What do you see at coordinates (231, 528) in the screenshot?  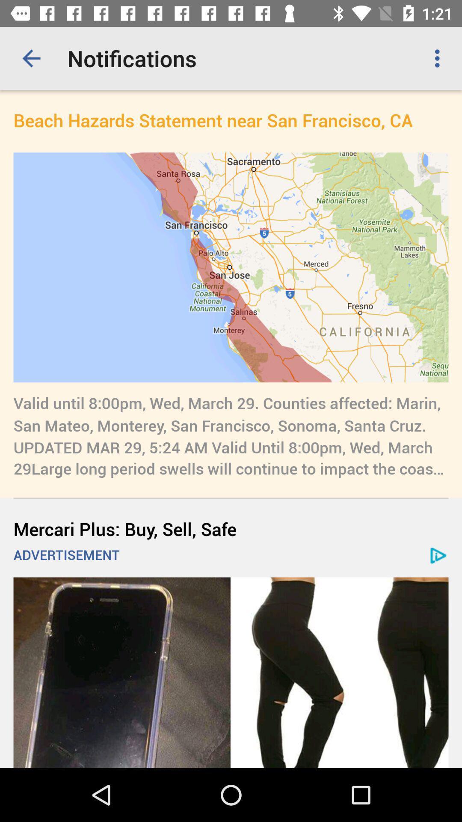 I see `the mercari plus buy icon` at bounding box center [231, 528].